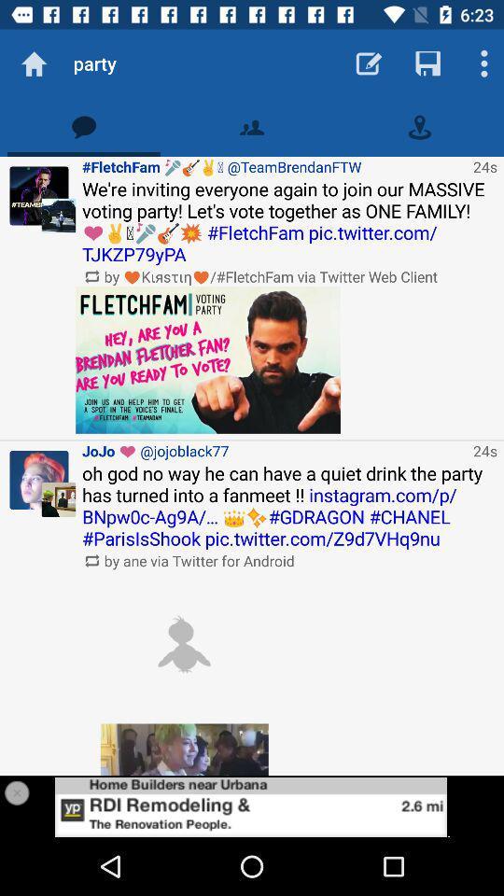 This screenshot has width=504, height=896. Describe the element at coordinates (252, 126) in the screenshot. I see `contact option` at that location.